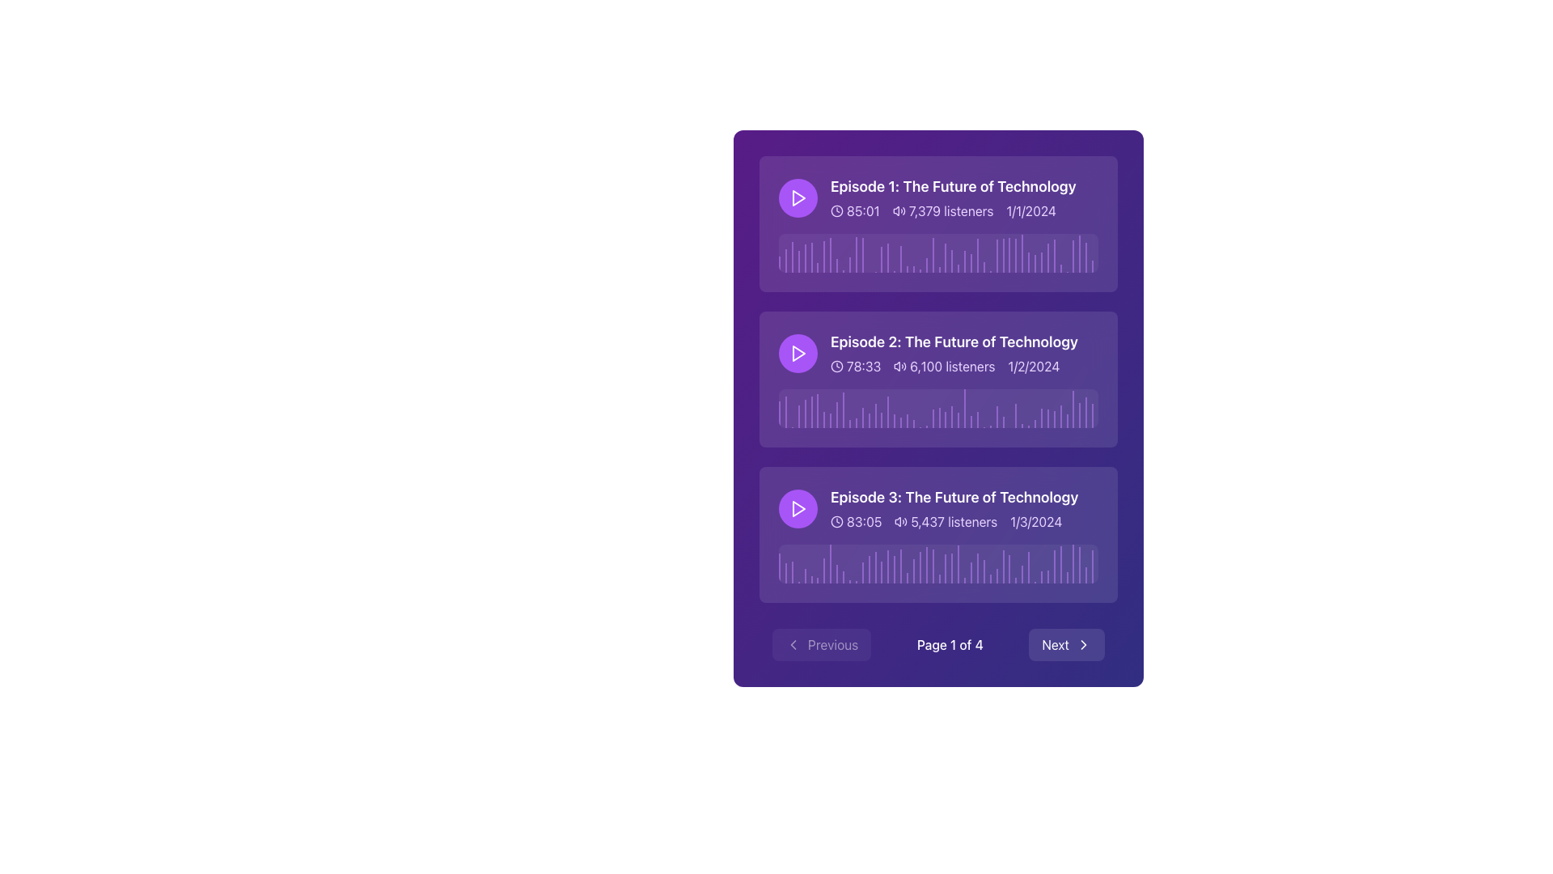 The width and height of the screenshot is (1553, 874). What do you see at coordinates (837, 521) in the screenshot?
I see `the clock icon that indicates the duration of the podcast episode, located before the time '83:05' in the third episode's layout` at bounding box center [837, 521].